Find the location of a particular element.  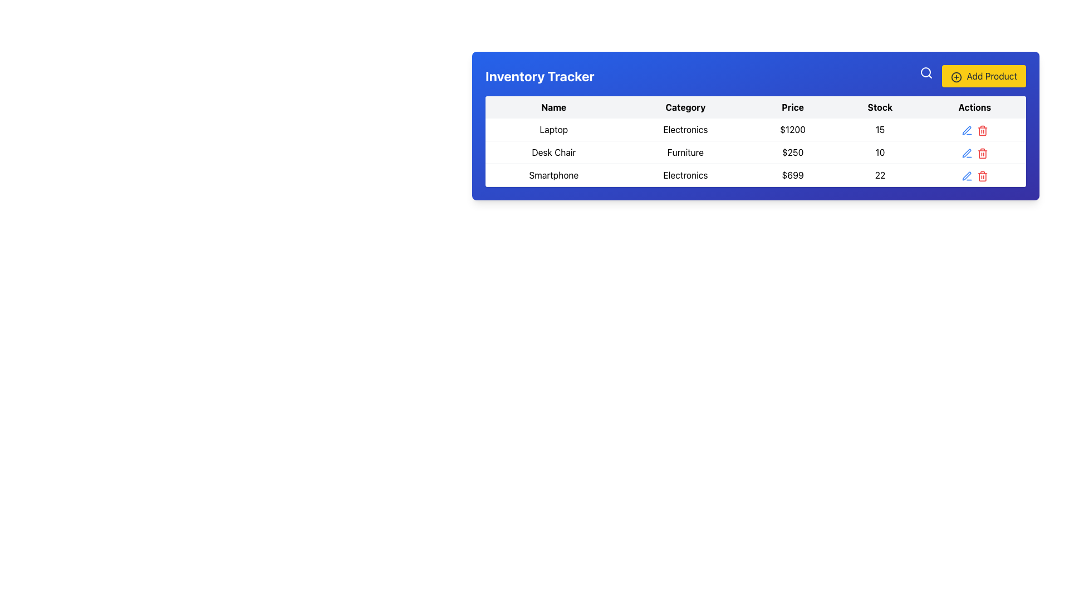

the 'Furniture' Text Cell located in the 'Category' column of the table is located at coordinates (685, 152).